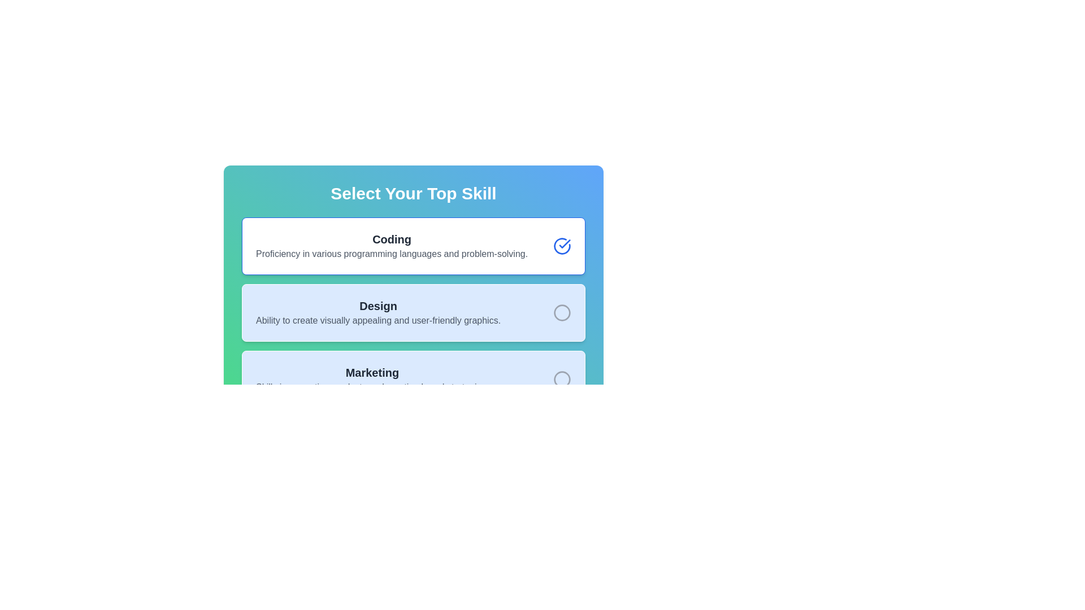  I want to click on the selectable card for the 'Marketing' skill, which is the third item in a vertically stacked group of skill blocks, so click(413, 379).